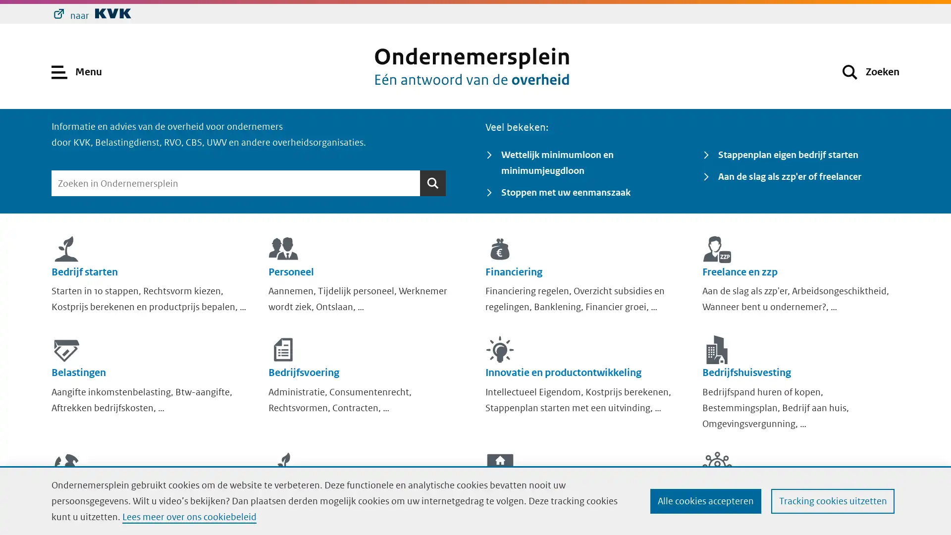 The width and height of the screenshot is (951, 535). What do you see at coordinates (832, 501) in the screenshot?
I see `Tracking cookies uitzetten` at bounding box center [832, 501].